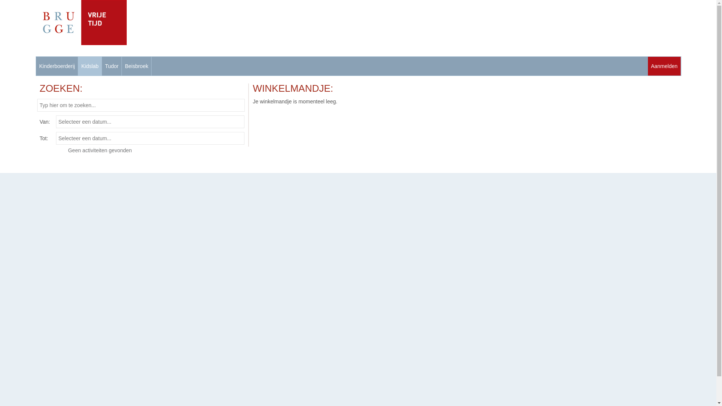 This screenshot has width=722, height=406. What do you see at coordinates (664, 66) in the screenshot?
I see `'Aanmelden'` at bounding box center [664, 66].